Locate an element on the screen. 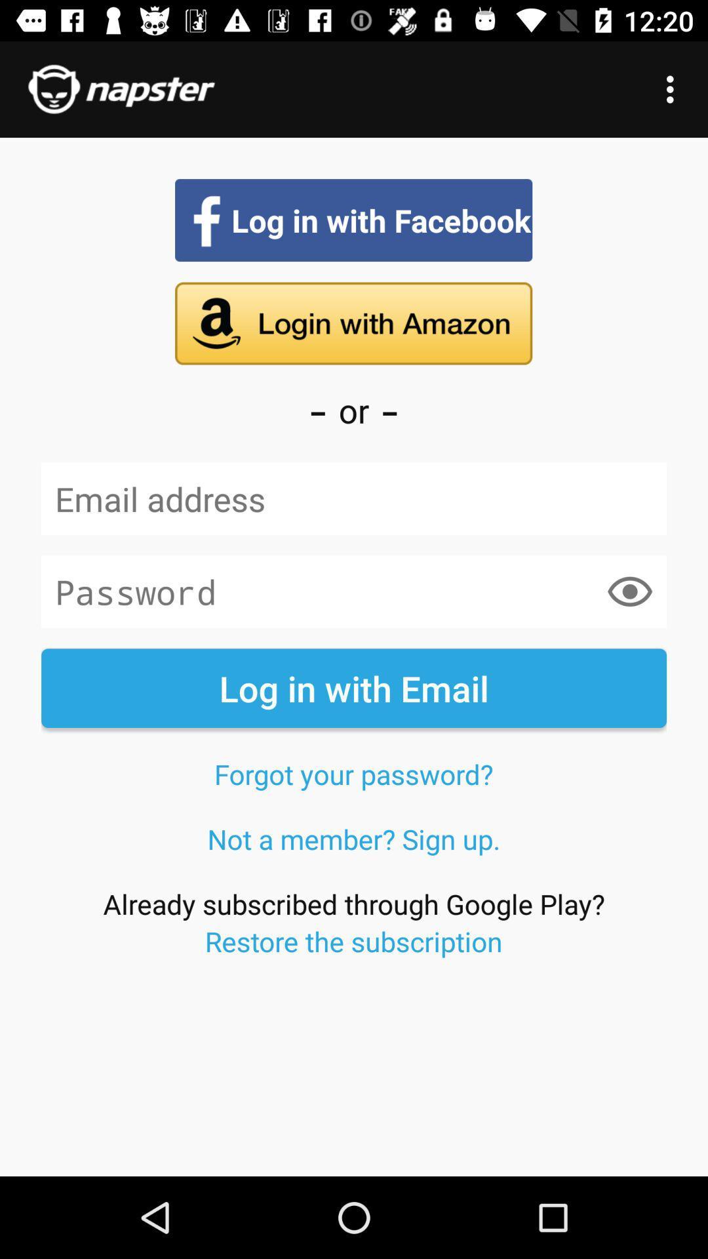  the restore the subscription is located at coordinates (353, 940).